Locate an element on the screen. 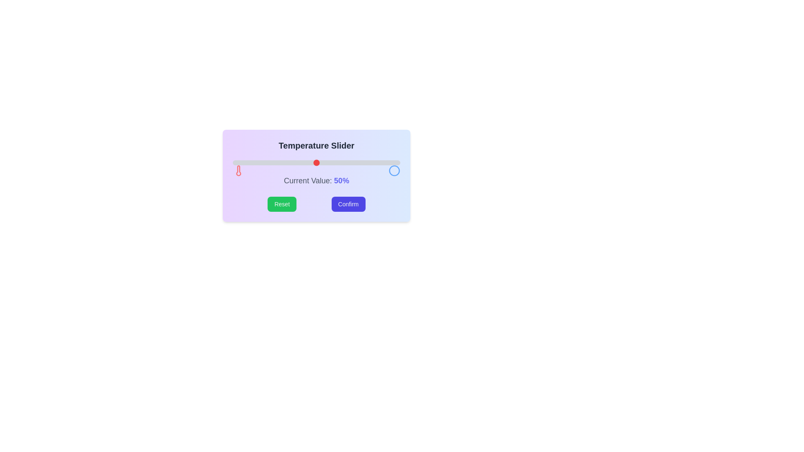 The width and height of the screenshot is (804, 452). 'Confirm' button to confirm the selected value is located at coordinates (348, 204).